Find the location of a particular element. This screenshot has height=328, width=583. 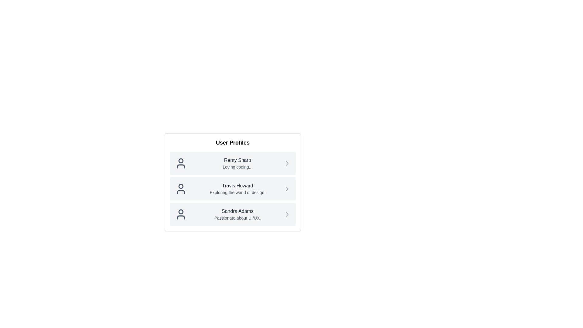

the rightward-pointing chevron icon associated with the user profile 'Remy Sharp' in the user profiles list is located at coordinates (287, 163).